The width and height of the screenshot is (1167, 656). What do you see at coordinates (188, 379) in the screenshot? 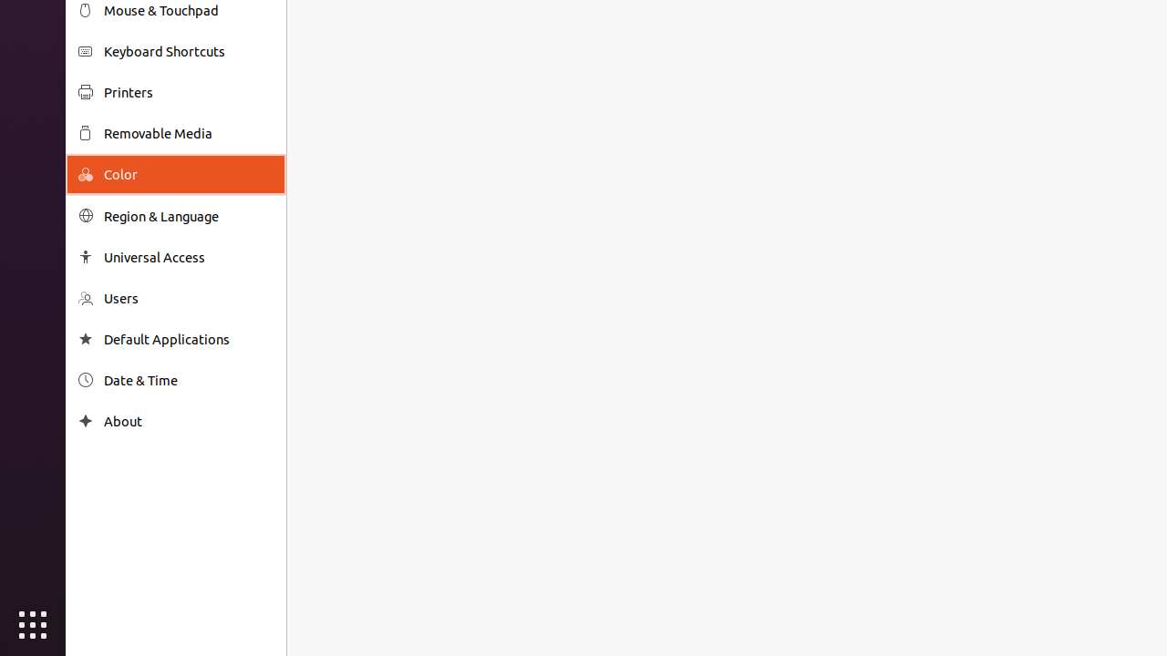
I see `'Date & Time'` at bounding box center [188, 379].